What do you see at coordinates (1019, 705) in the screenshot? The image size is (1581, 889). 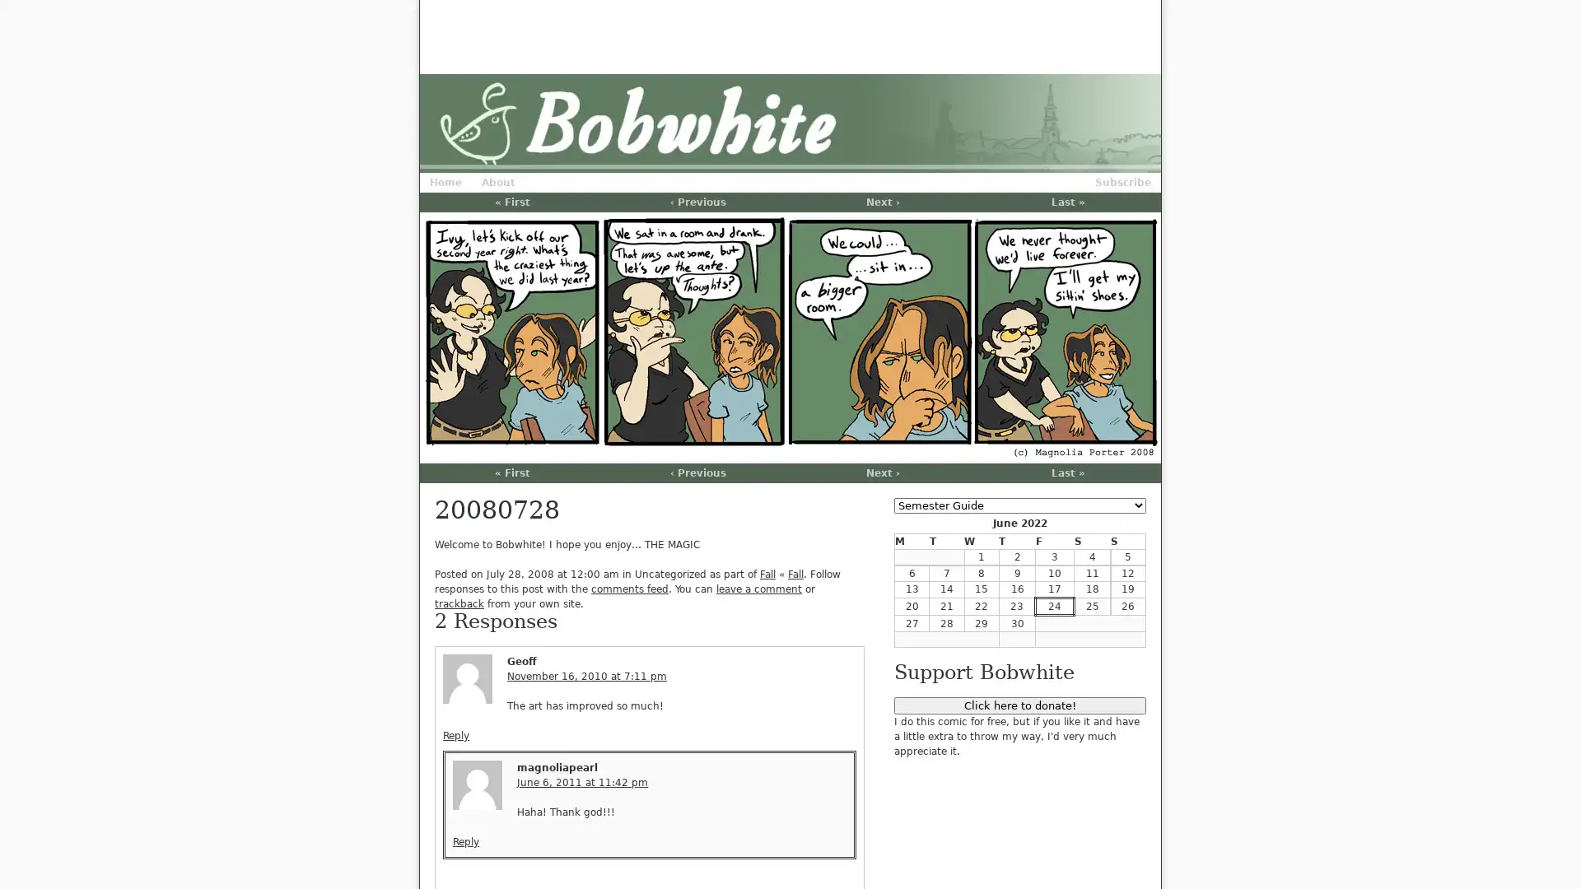 I see `Click here to donate!` at bounding box center [1019, 705].